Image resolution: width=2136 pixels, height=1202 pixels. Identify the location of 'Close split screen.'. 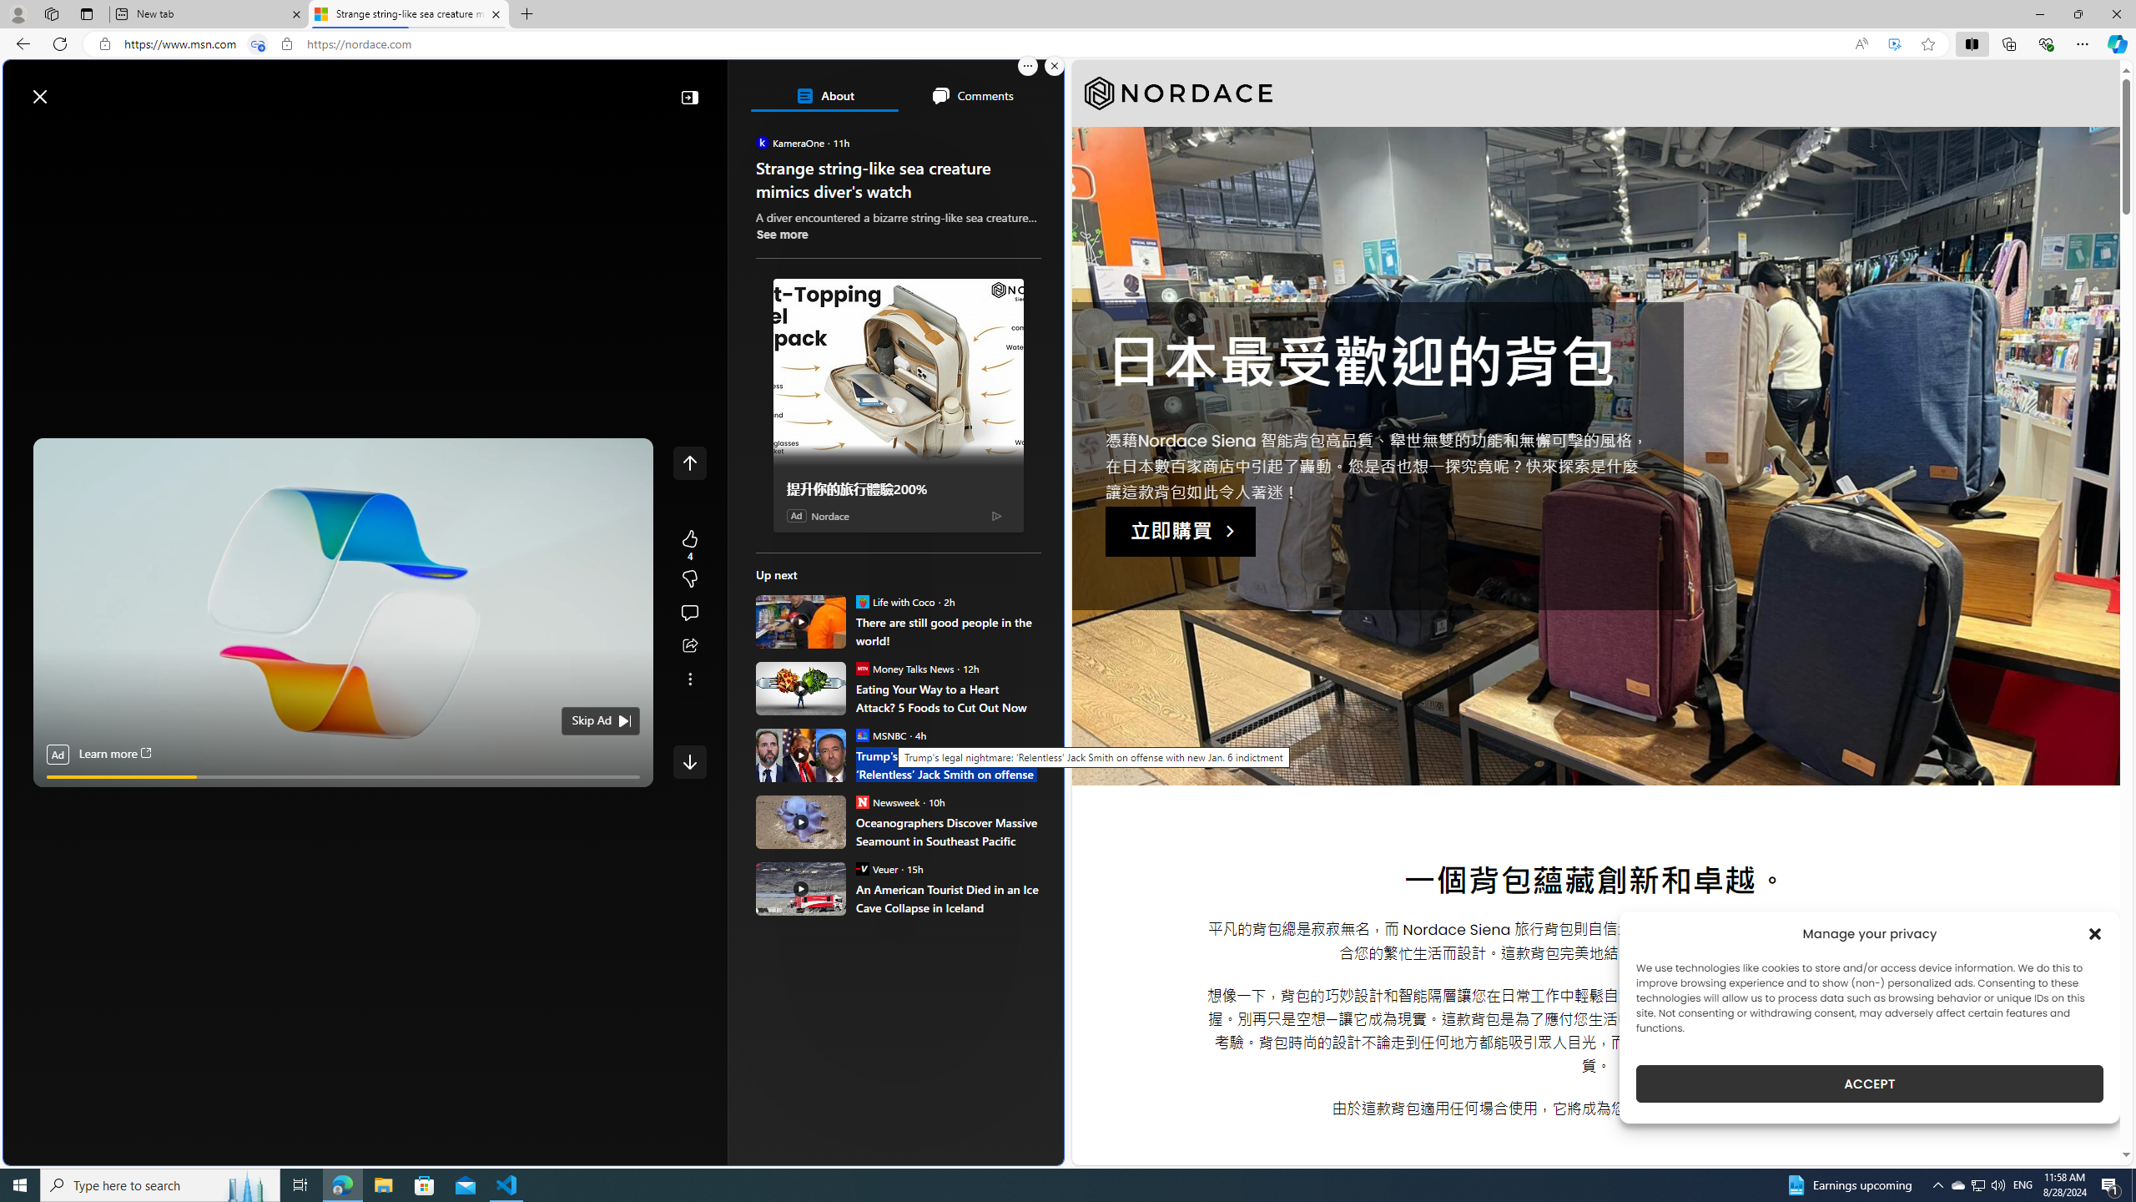
(1054, 65).